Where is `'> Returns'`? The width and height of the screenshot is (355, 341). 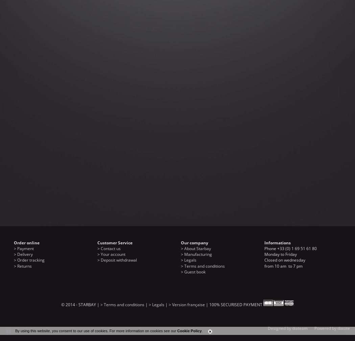 '> Returns' is located at coordinates (22, 266).